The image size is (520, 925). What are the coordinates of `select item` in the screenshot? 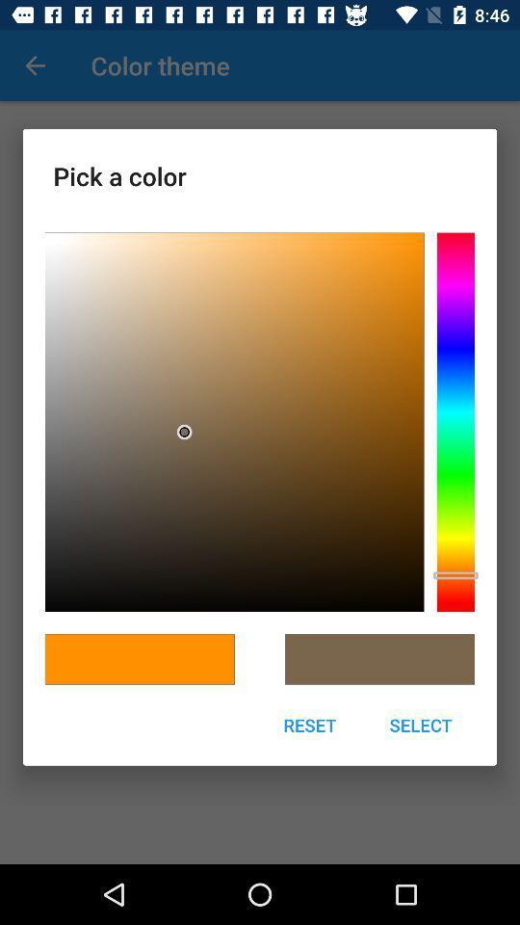 It's located at (420, 724).